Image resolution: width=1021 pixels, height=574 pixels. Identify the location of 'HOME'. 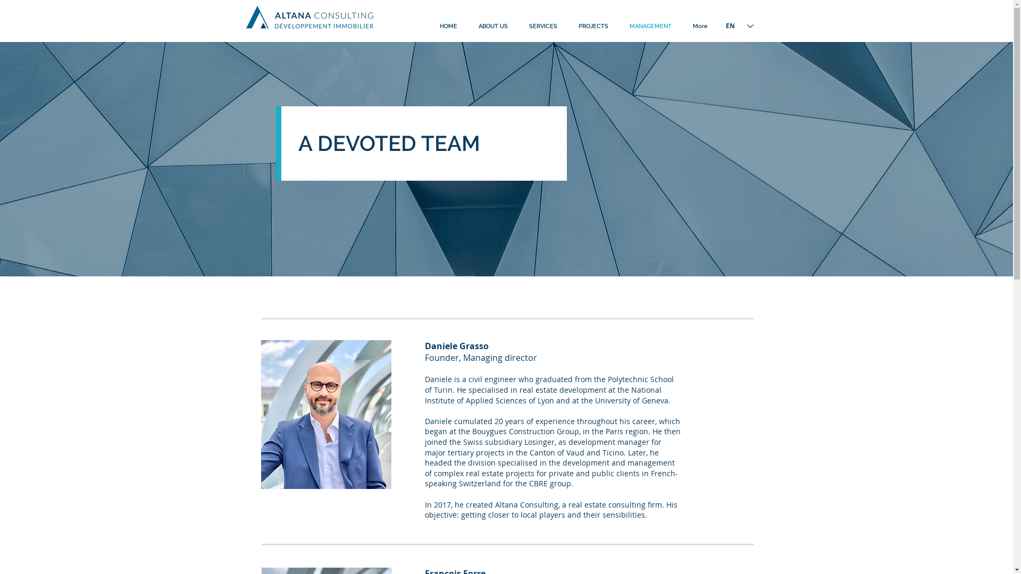
(448, 26).